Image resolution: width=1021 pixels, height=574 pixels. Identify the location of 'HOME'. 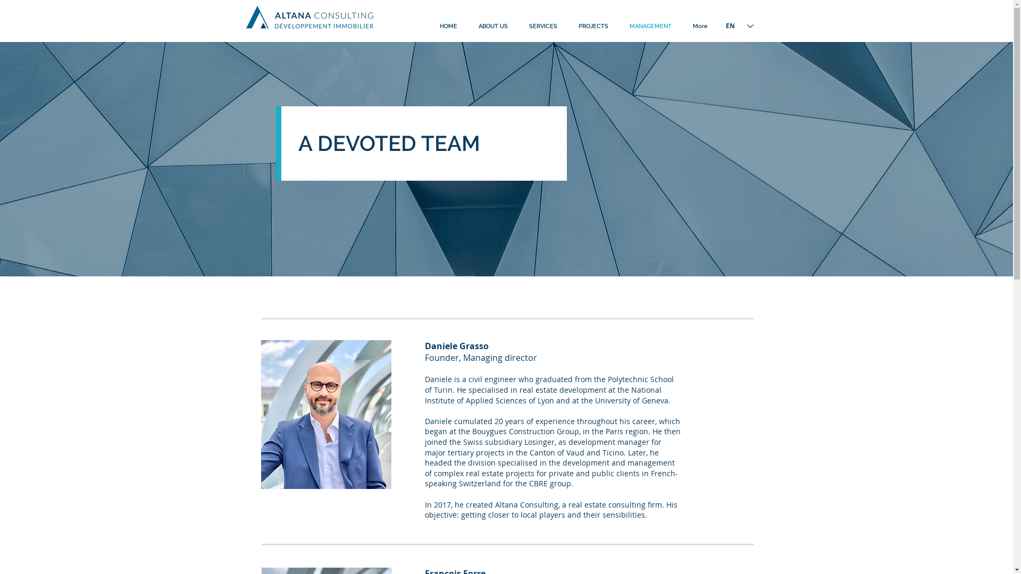
(448, 26).